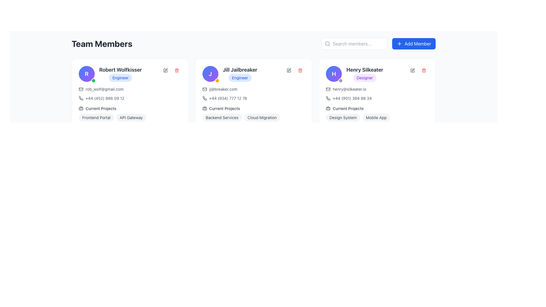 The width and height of the screenshot is (546, 307). What do you see at coordinates (217, 81) in the screenshot?
I see `the small circular badge with a yellow background and white border located at the bottom-right corner of the larger circle containing the letter 'J' on the card component for Jill Jailbreaker` at bounding box center [217, 81].